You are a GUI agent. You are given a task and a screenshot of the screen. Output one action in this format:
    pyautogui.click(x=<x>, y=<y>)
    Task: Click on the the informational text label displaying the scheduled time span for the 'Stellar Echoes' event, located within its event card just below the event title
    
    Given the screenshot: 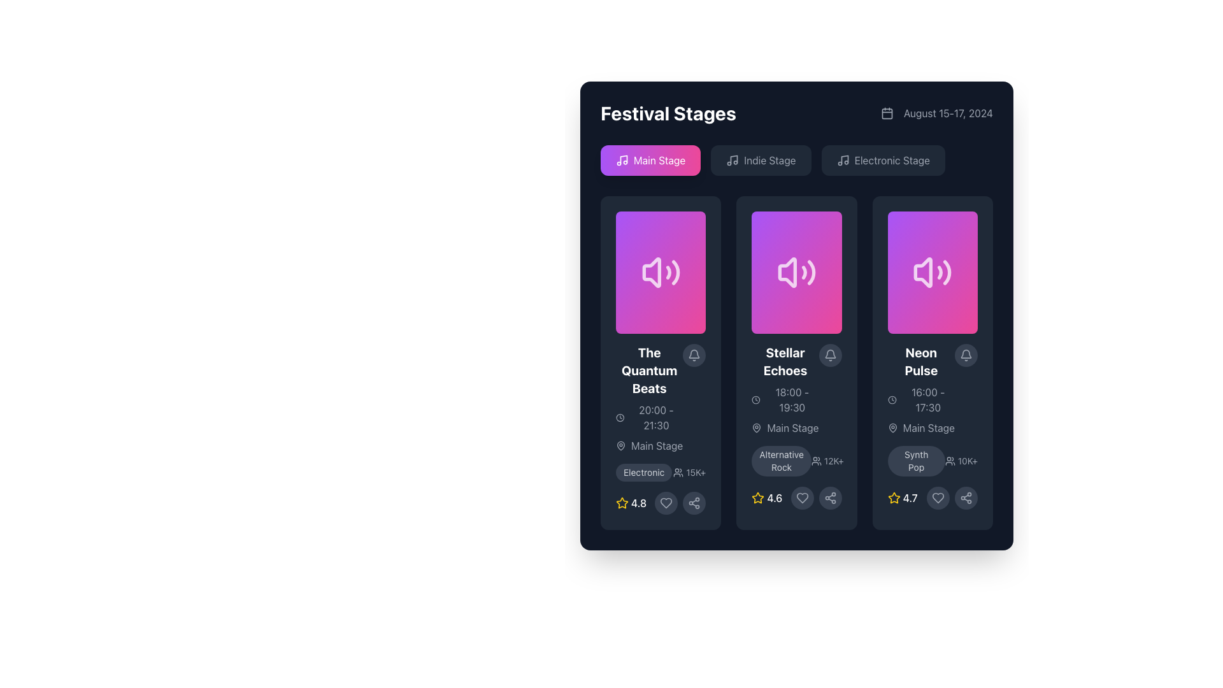 What is the action you would take?
    pyautogui.click(x=785, y=399)
    